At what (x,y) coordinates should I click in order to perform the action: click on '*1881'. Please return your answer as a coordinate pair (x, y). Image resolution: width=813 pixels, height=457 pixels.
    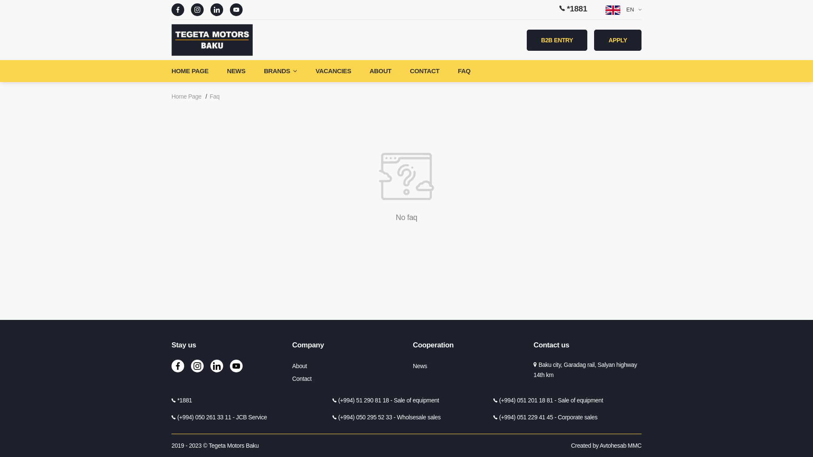
    Looking at the image, I should click on (559, 8).